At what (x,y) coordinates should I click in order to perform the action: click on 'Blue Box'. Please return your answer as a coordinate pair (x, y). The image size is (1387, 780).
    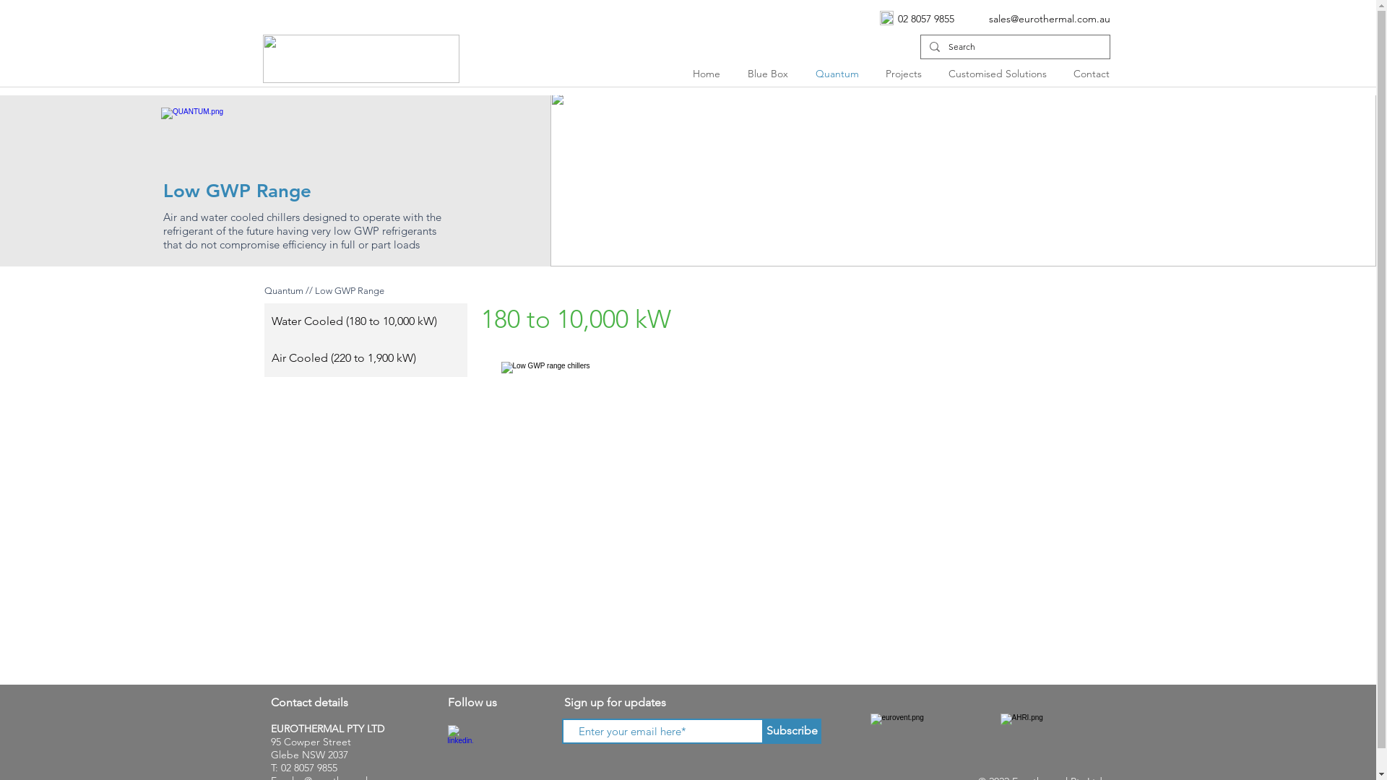
    Looking at the image, I should click on (769, 73).